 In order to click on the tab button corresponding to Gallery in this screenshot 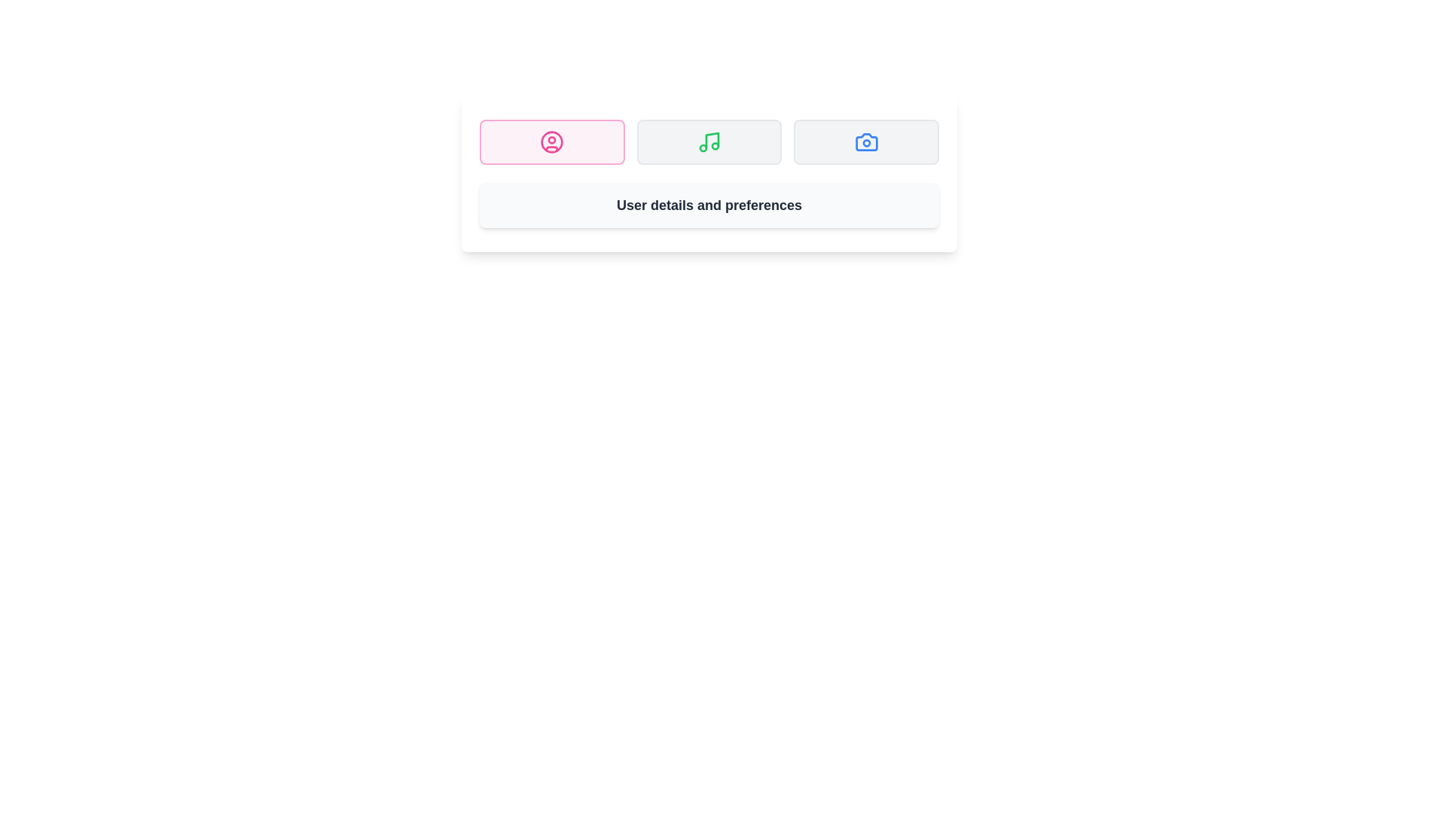, I will do `click(867, 142)`.